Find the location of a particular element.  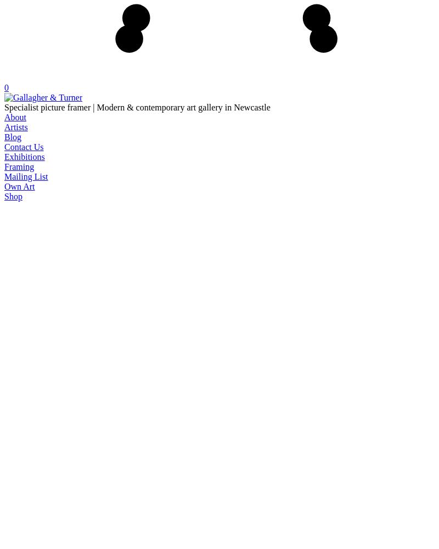

'Shop' is located at coordinates (13, 196).